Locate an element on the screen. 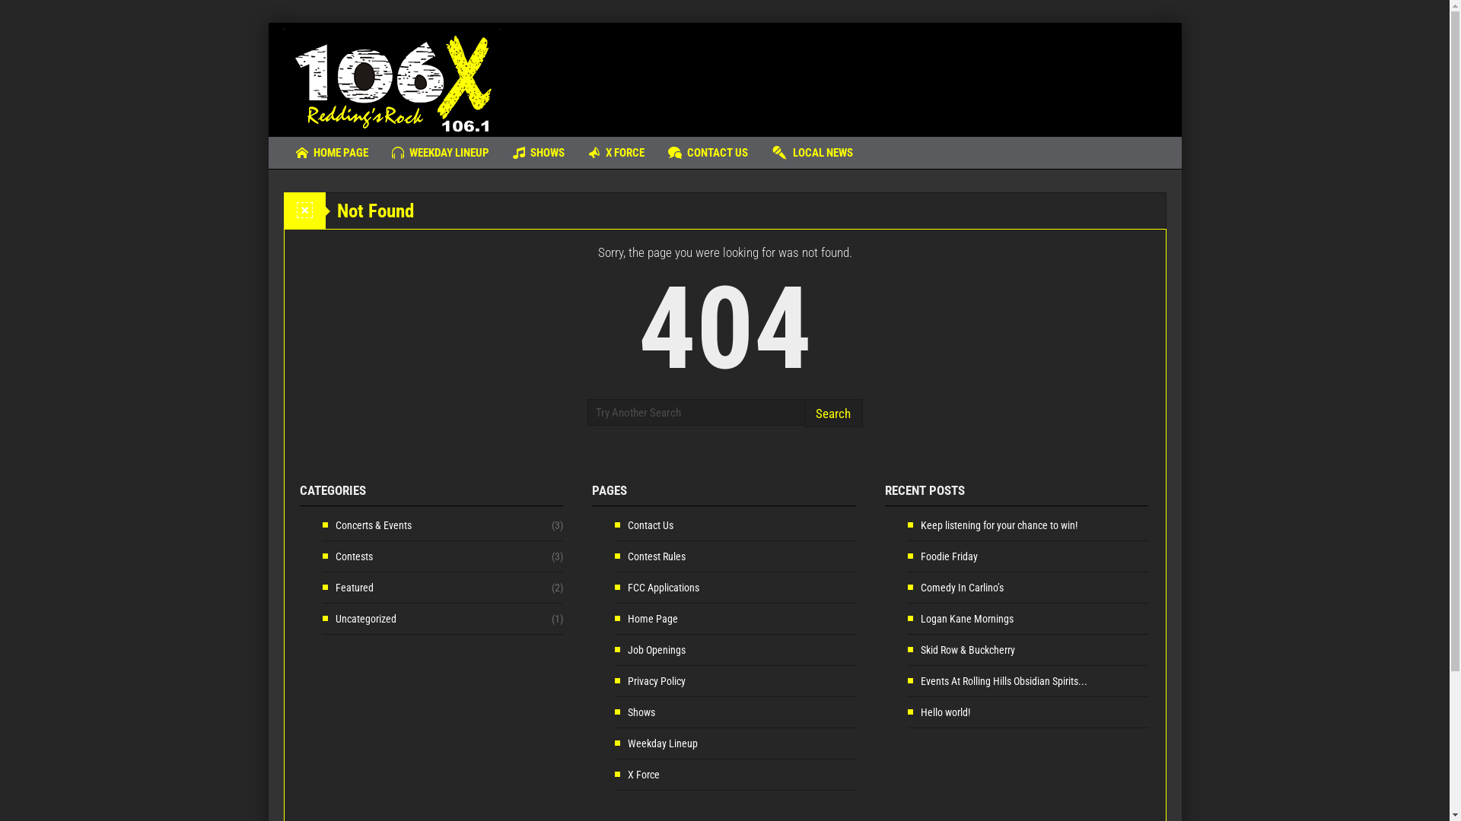 The height and width of the screenshot is (821, 1461). 'Privacy Policy' is located at coordinates (614, 680).